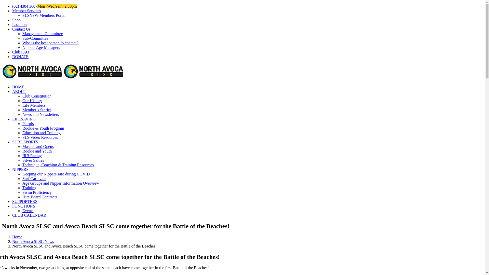 This screenshot has height=275, width=489. I want to click on 'Shop', so click(16, 20).